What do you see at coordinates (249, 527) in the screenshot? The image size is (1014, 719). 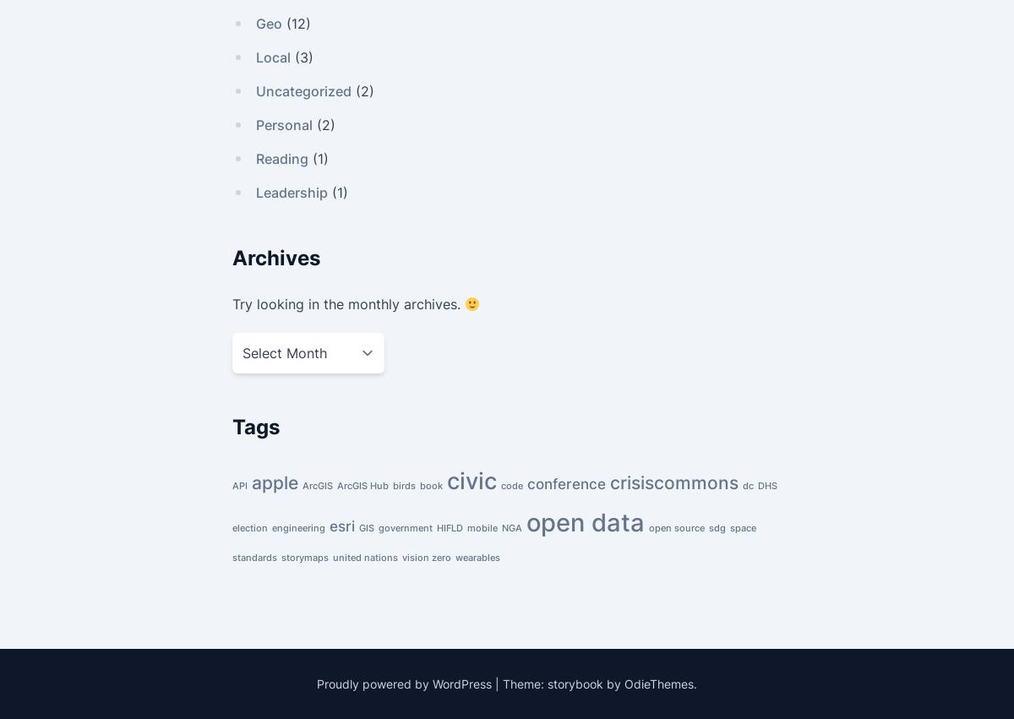 I see `'election'` at bounding box center [249, 527].